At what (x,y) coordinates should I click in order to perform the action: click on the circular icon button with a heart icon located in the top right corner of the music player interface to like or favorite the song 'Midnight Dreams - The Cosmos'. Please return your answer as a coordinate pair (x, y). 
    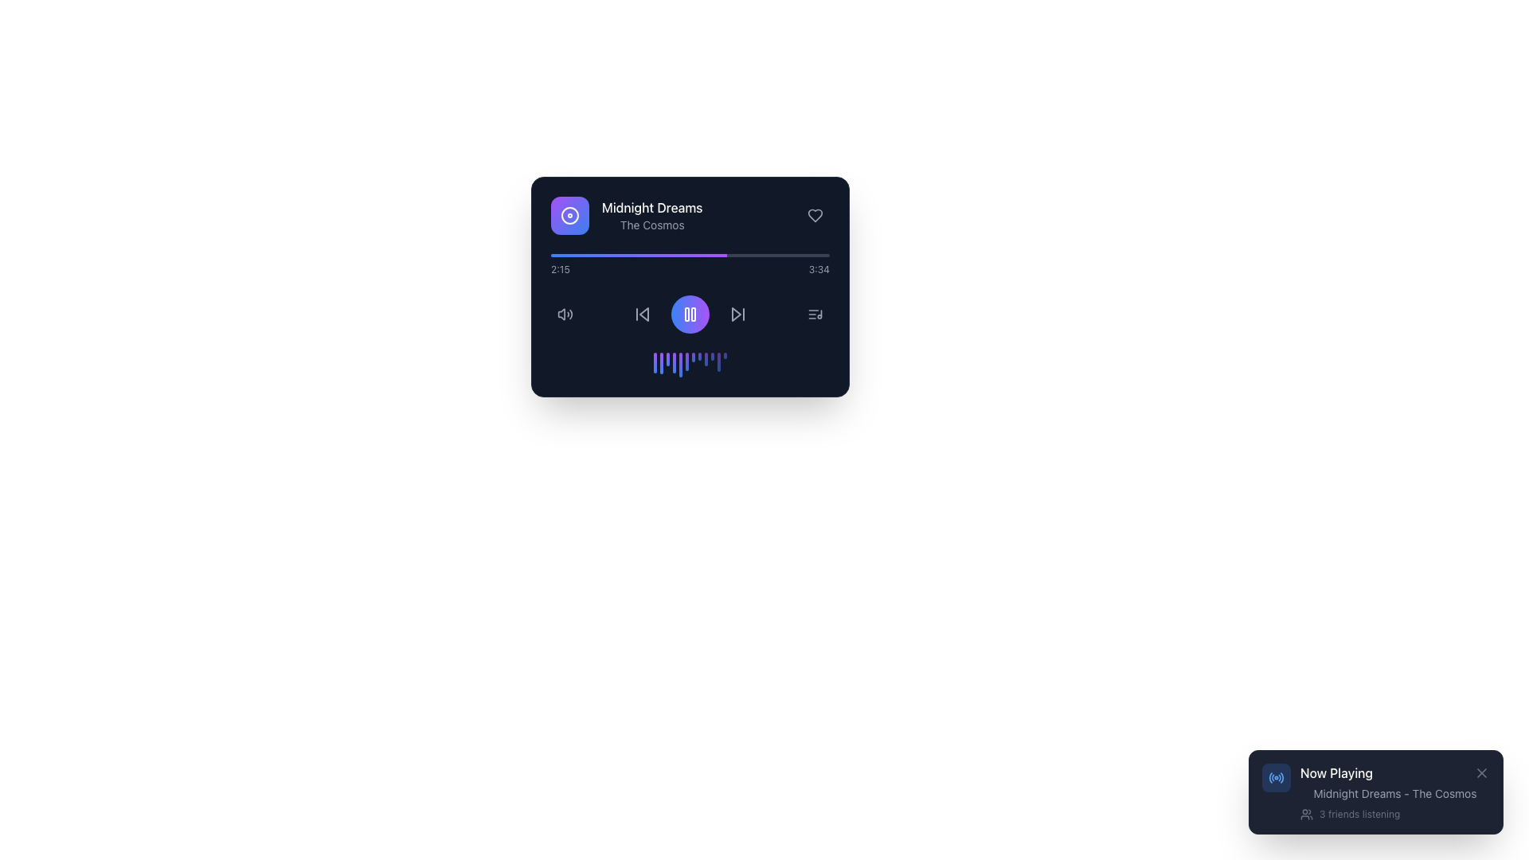
    Looking at the image, I should click on (815, 215).